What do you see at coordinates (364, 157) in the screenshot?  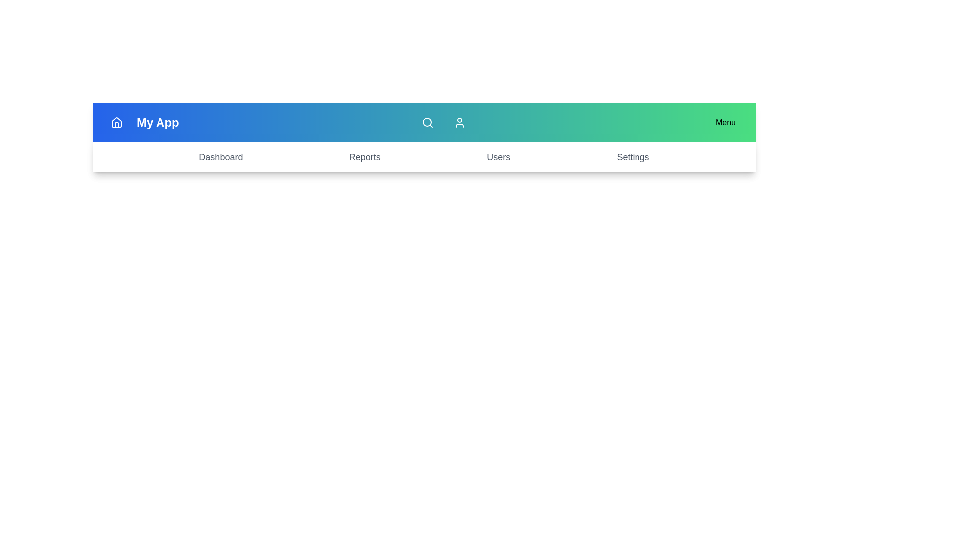 I see `the menu item Reports from the navigation bar` at bounding box center [364, 157].